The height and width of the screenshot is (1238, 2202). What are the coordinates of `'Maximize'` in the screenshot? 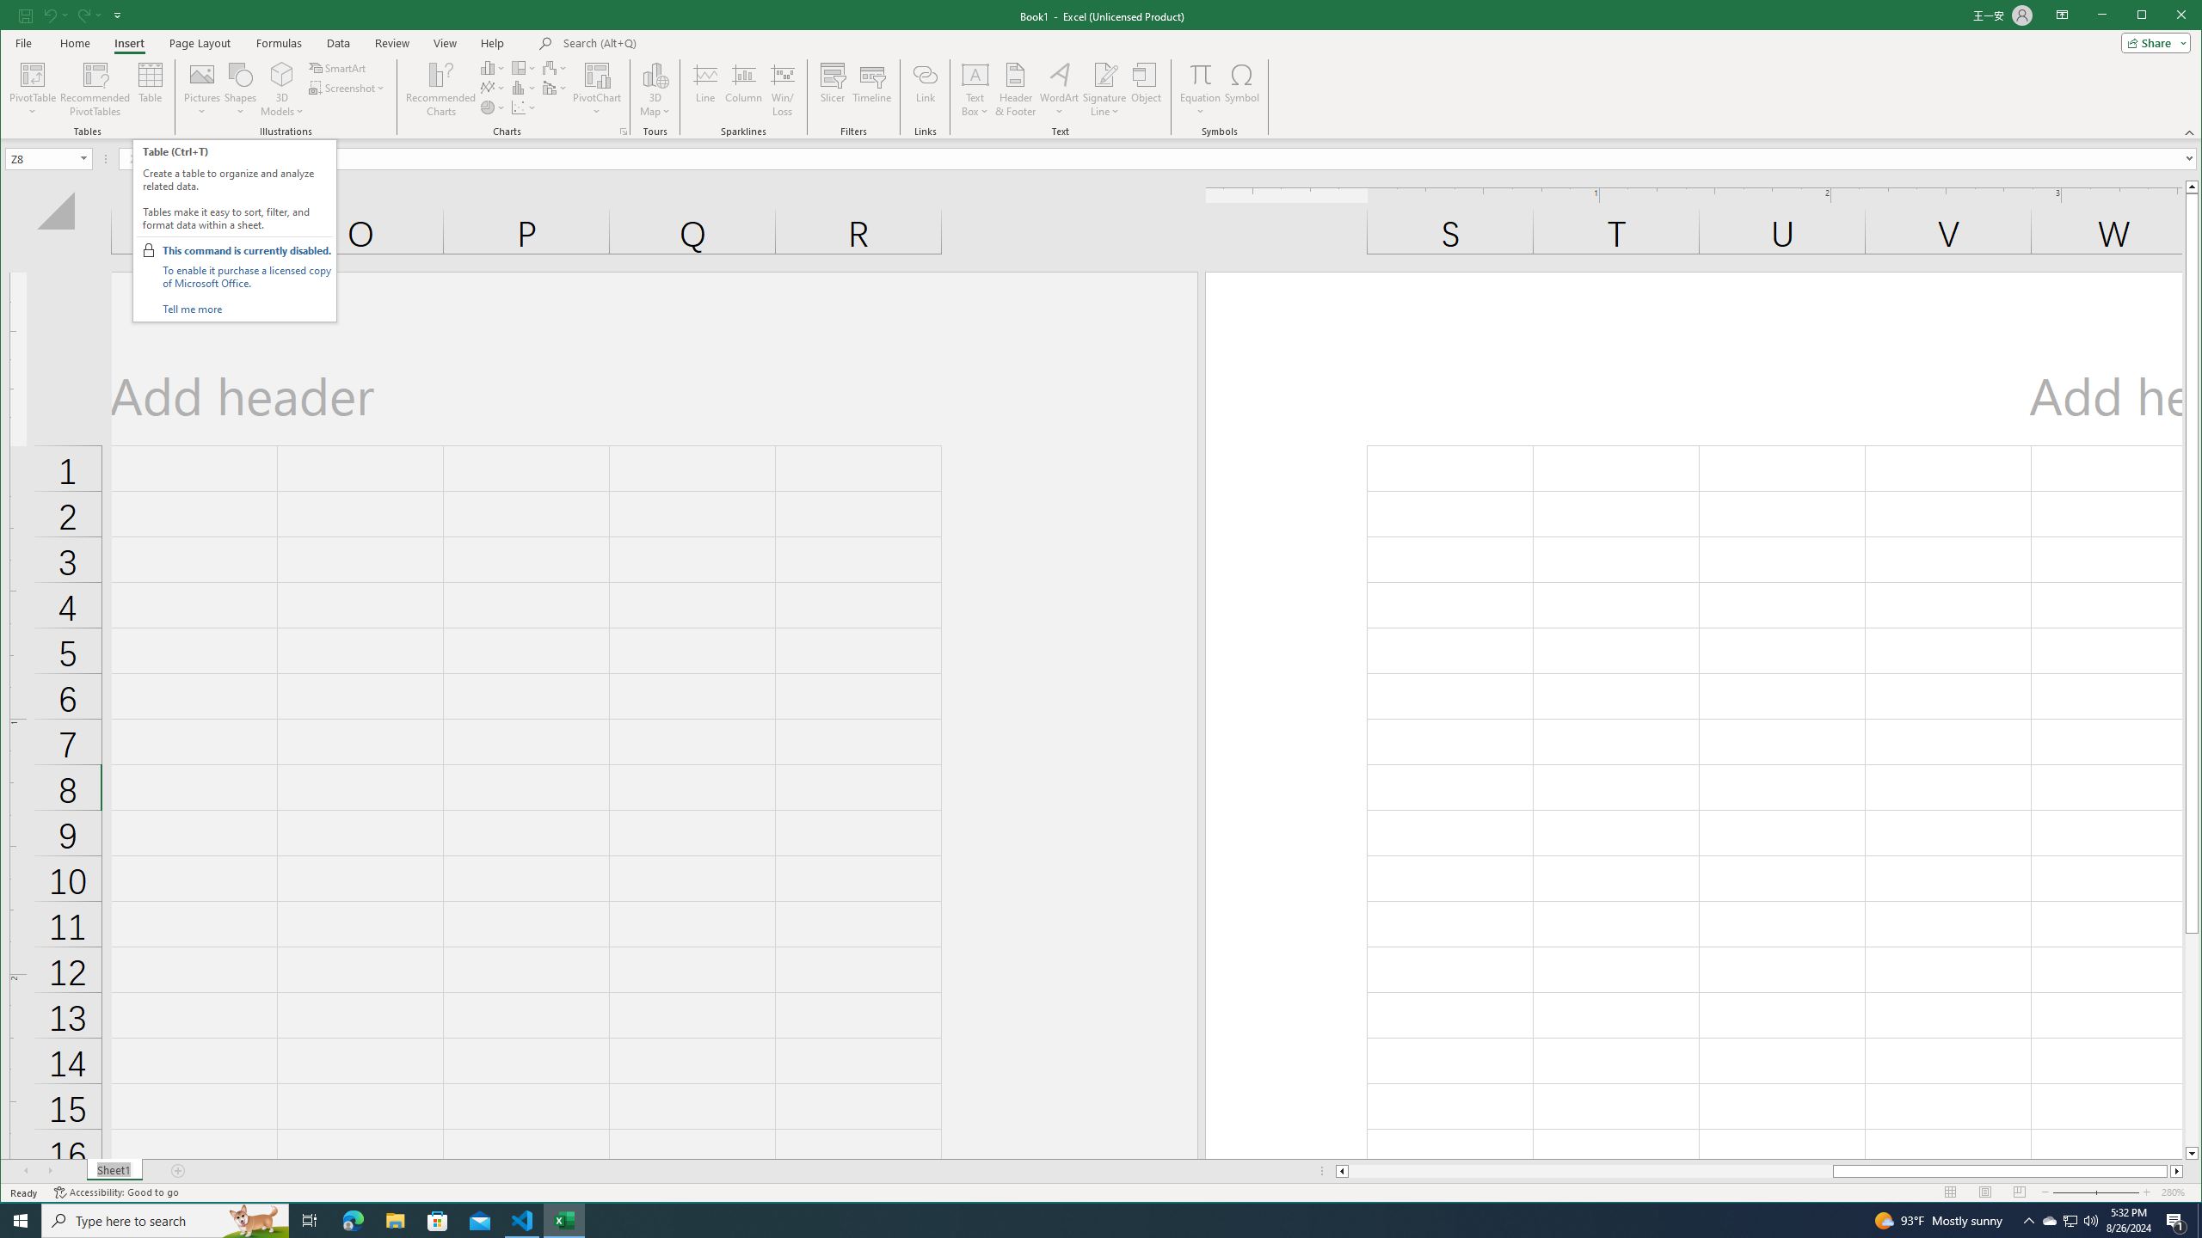 It's located at (2167, 16).